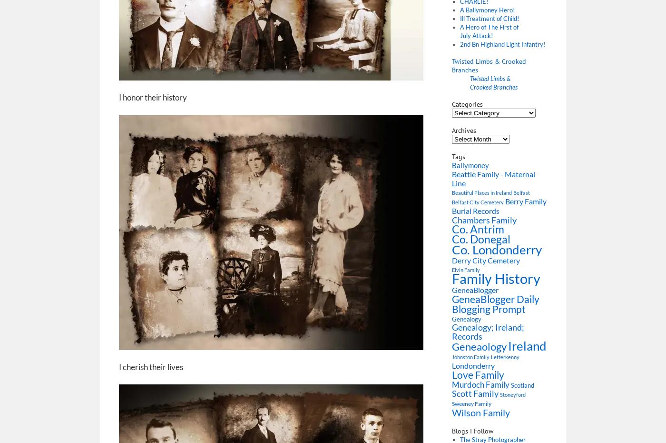 Image resolution: width=666 pixels, height=443 pixels. What do you see at coordinates (464, 130) in the screenshot?
I see `'Archives'` at bounding box center [464, 130].